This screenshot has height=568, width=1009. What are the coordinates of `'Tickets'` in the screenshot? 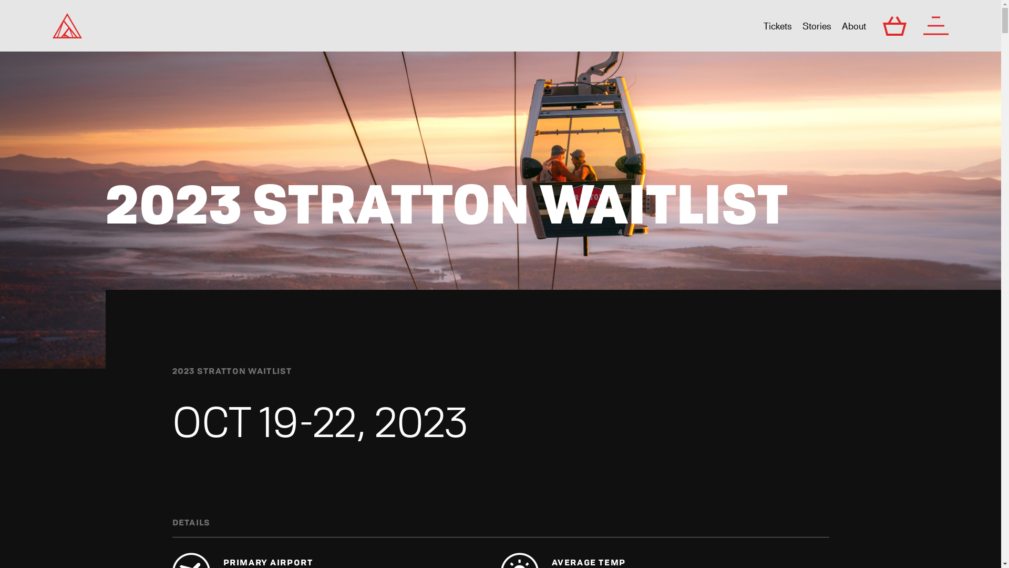 It's located at (777, 25).